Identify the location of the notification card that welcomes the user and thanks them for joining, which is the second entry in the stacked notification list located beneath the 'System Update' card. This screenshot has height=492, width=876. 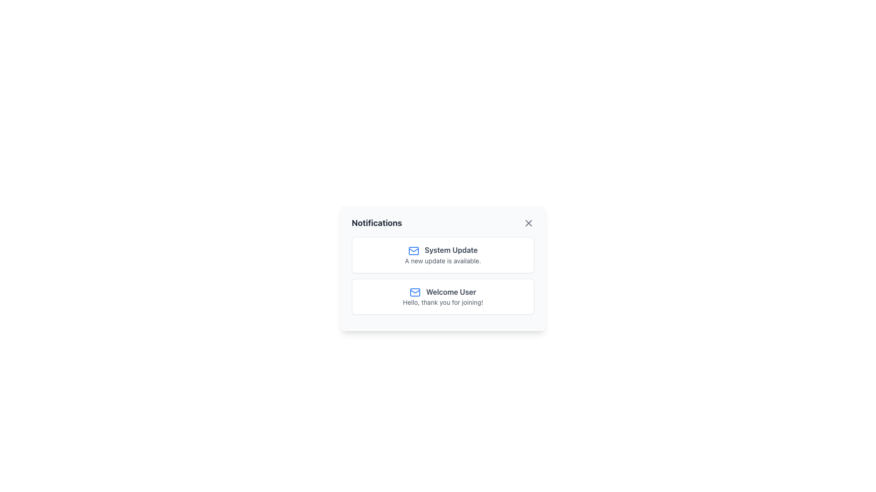
(443, 297).